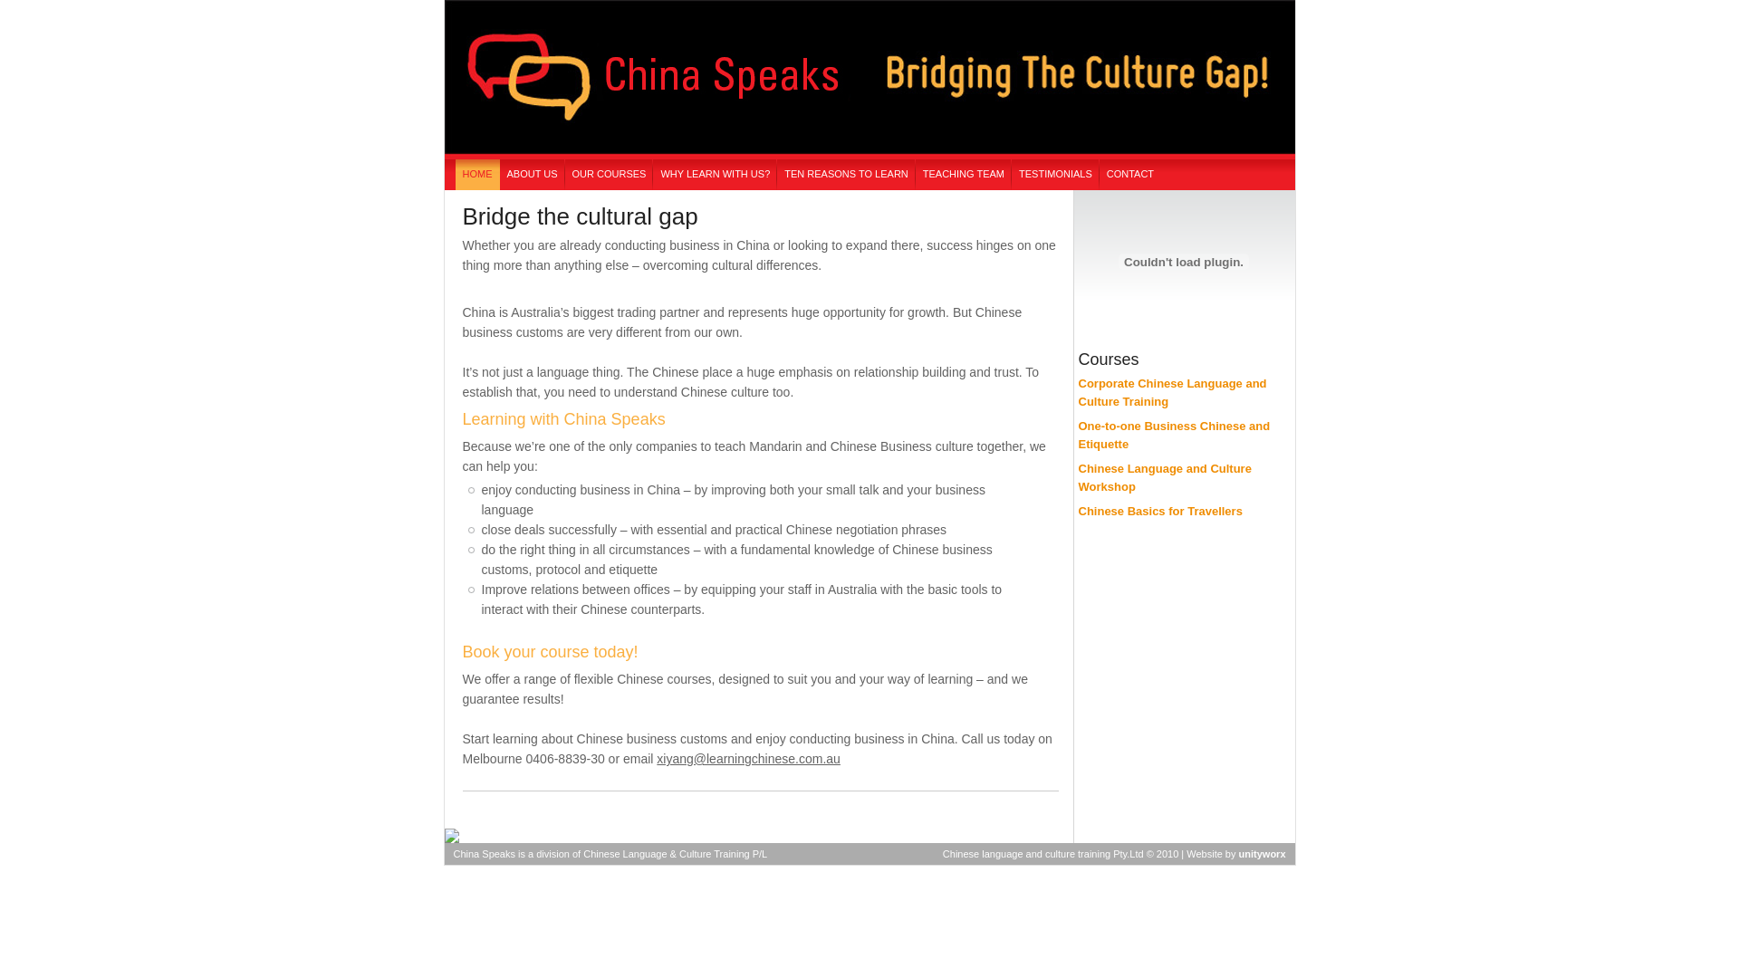 The image size is (1739, 978). I want to click on 'ABOUT US', so click(532, 174).